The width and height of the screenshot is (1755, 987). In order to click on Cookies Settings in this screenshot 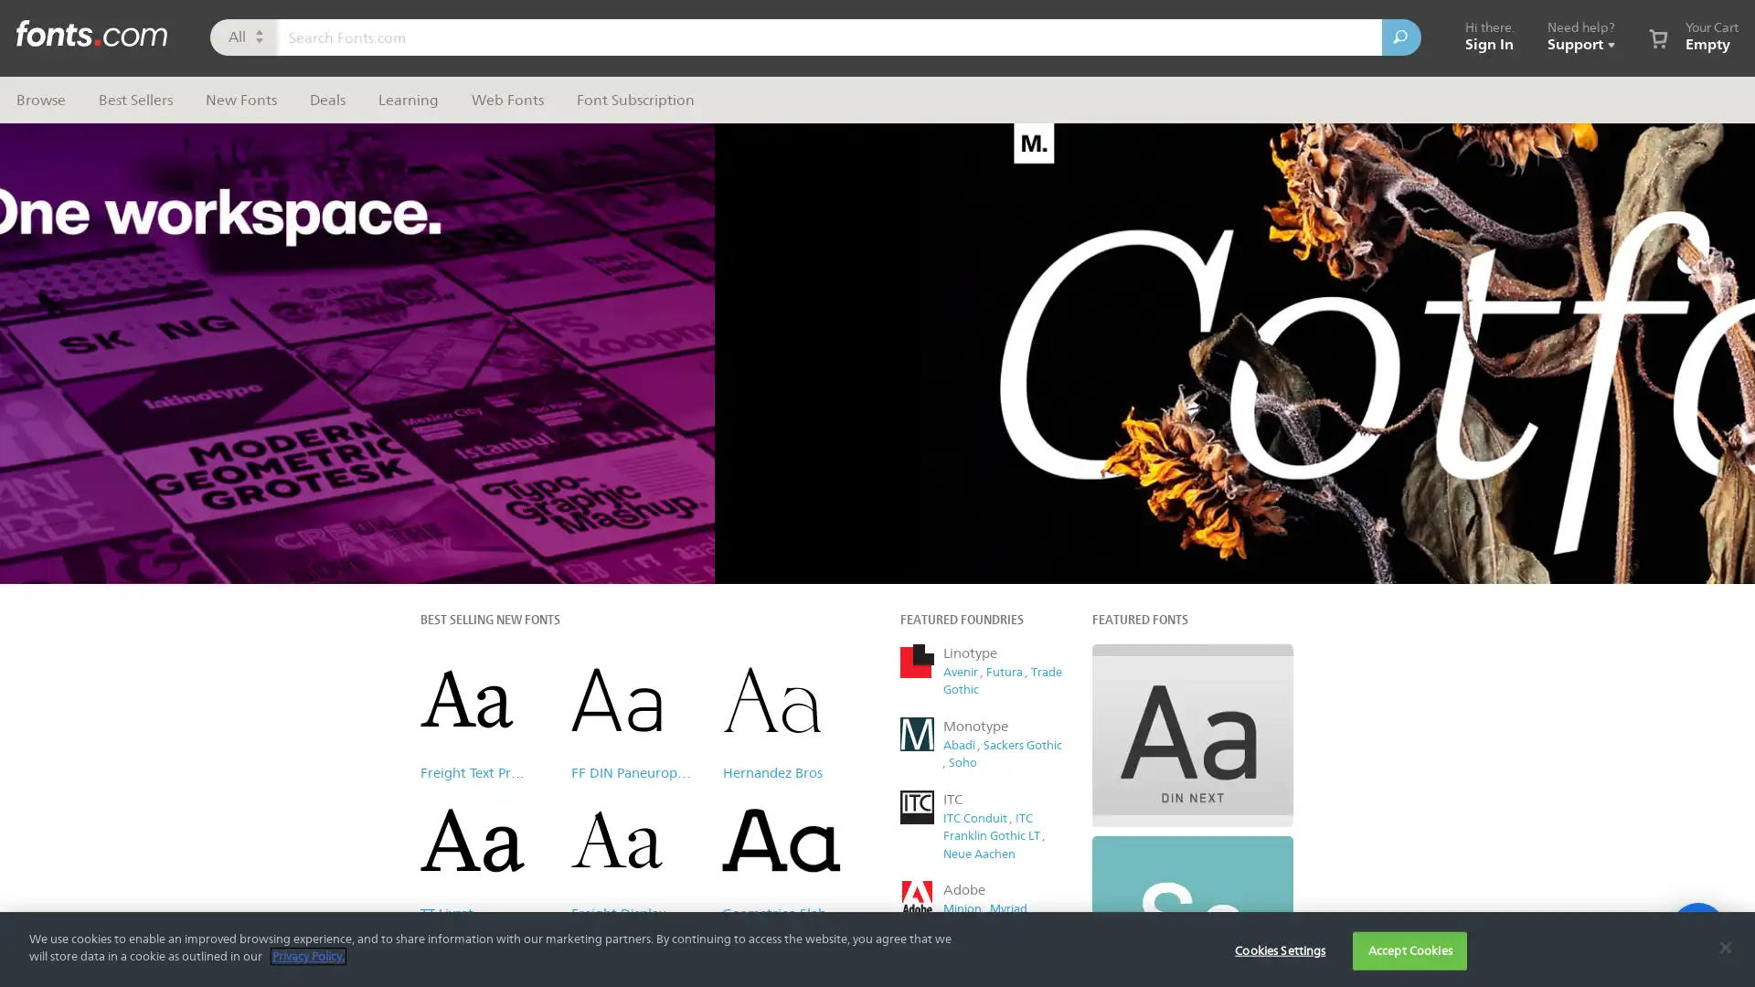, I will do `click(1279, 950)`.